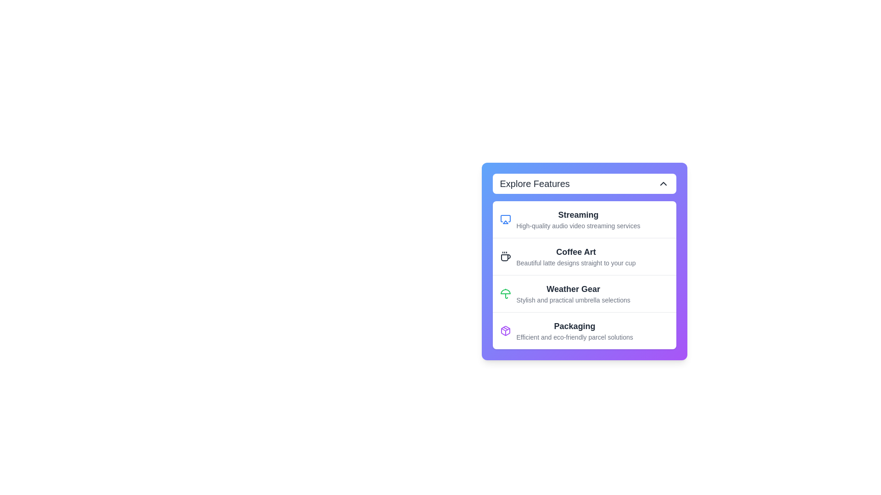 The height and width of the screenshot is (495, 881). I want to click on the blue AirPlay symbol icon located to the left of the 'Streaming' label in the 'Explore Features' section, so click(505, 219).